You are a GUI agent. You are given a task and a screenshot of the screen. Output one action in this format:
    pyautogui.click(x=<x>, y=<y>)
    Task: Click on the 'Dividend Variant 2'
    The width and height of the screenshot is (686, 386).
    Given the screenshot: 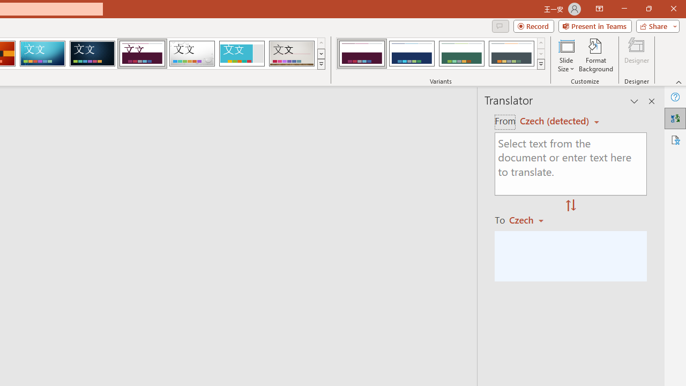 What is the action you would take?
    pyautogui.click(x=411, y=54)
    